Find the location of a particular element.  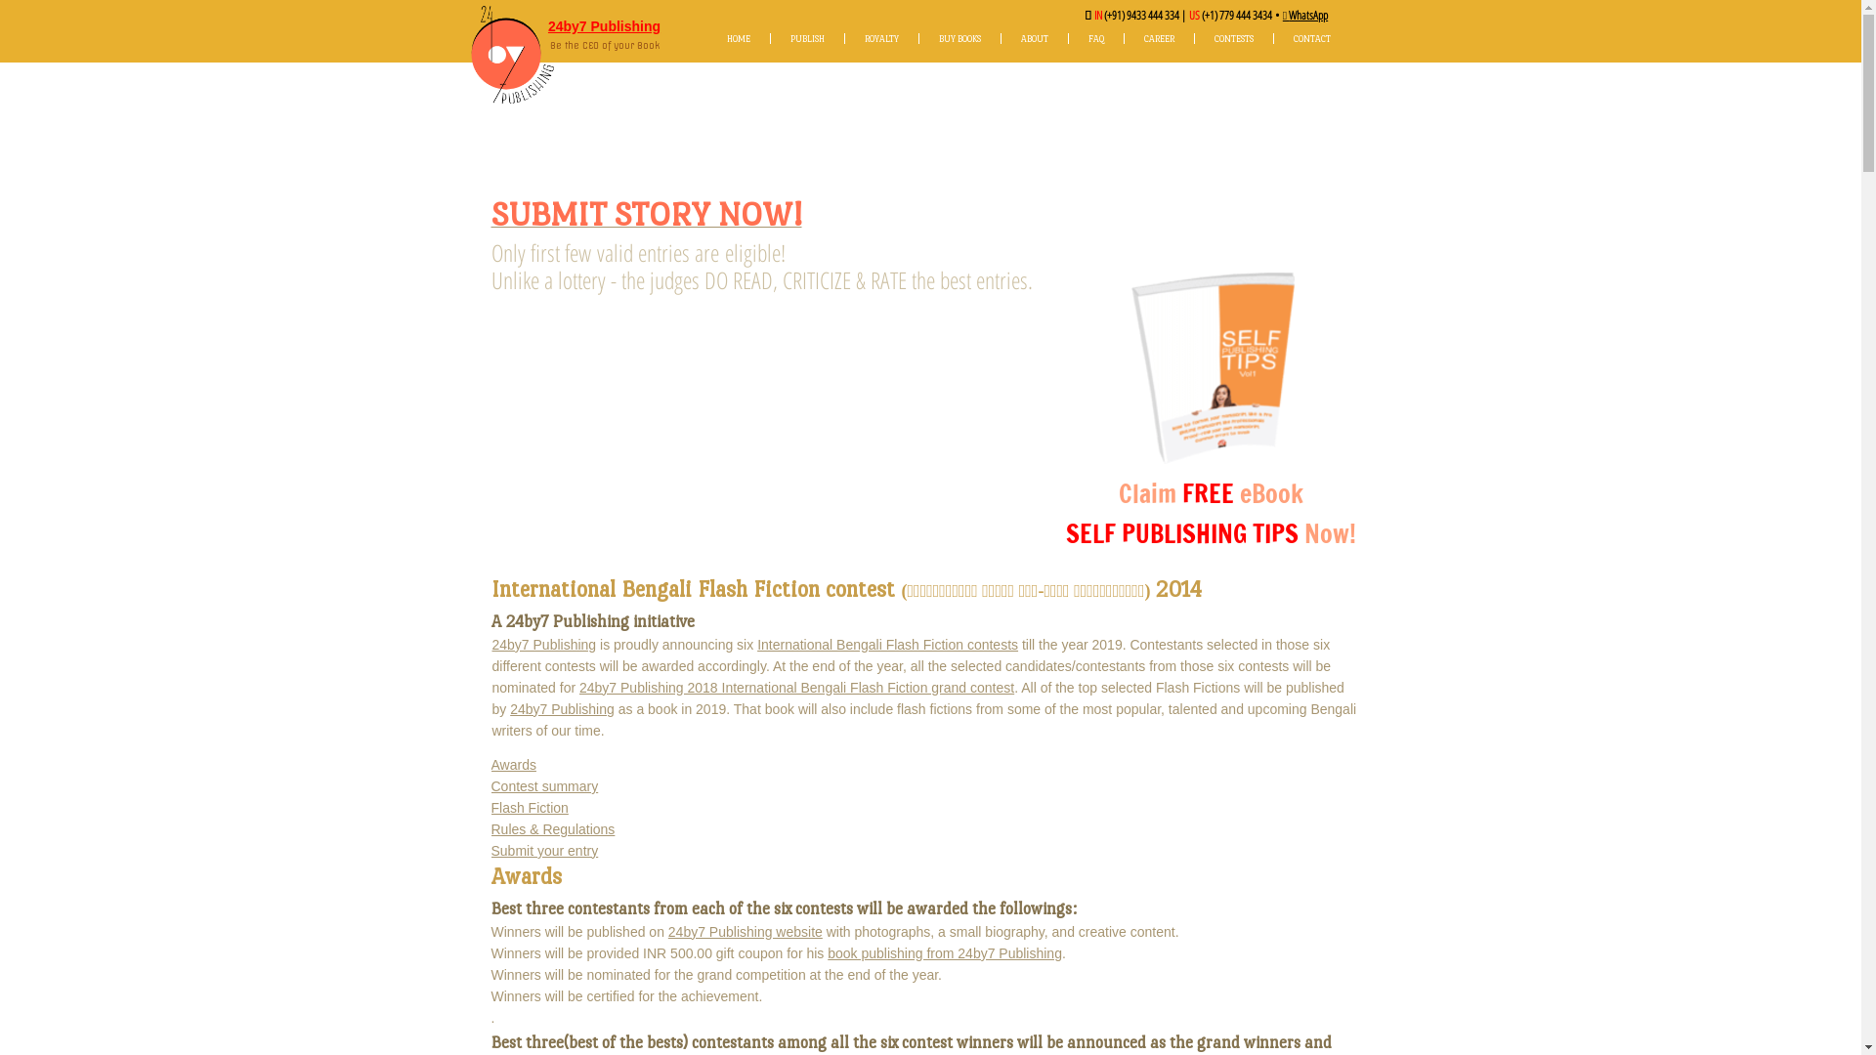

'HOME' is located at coordinates (737, 38).